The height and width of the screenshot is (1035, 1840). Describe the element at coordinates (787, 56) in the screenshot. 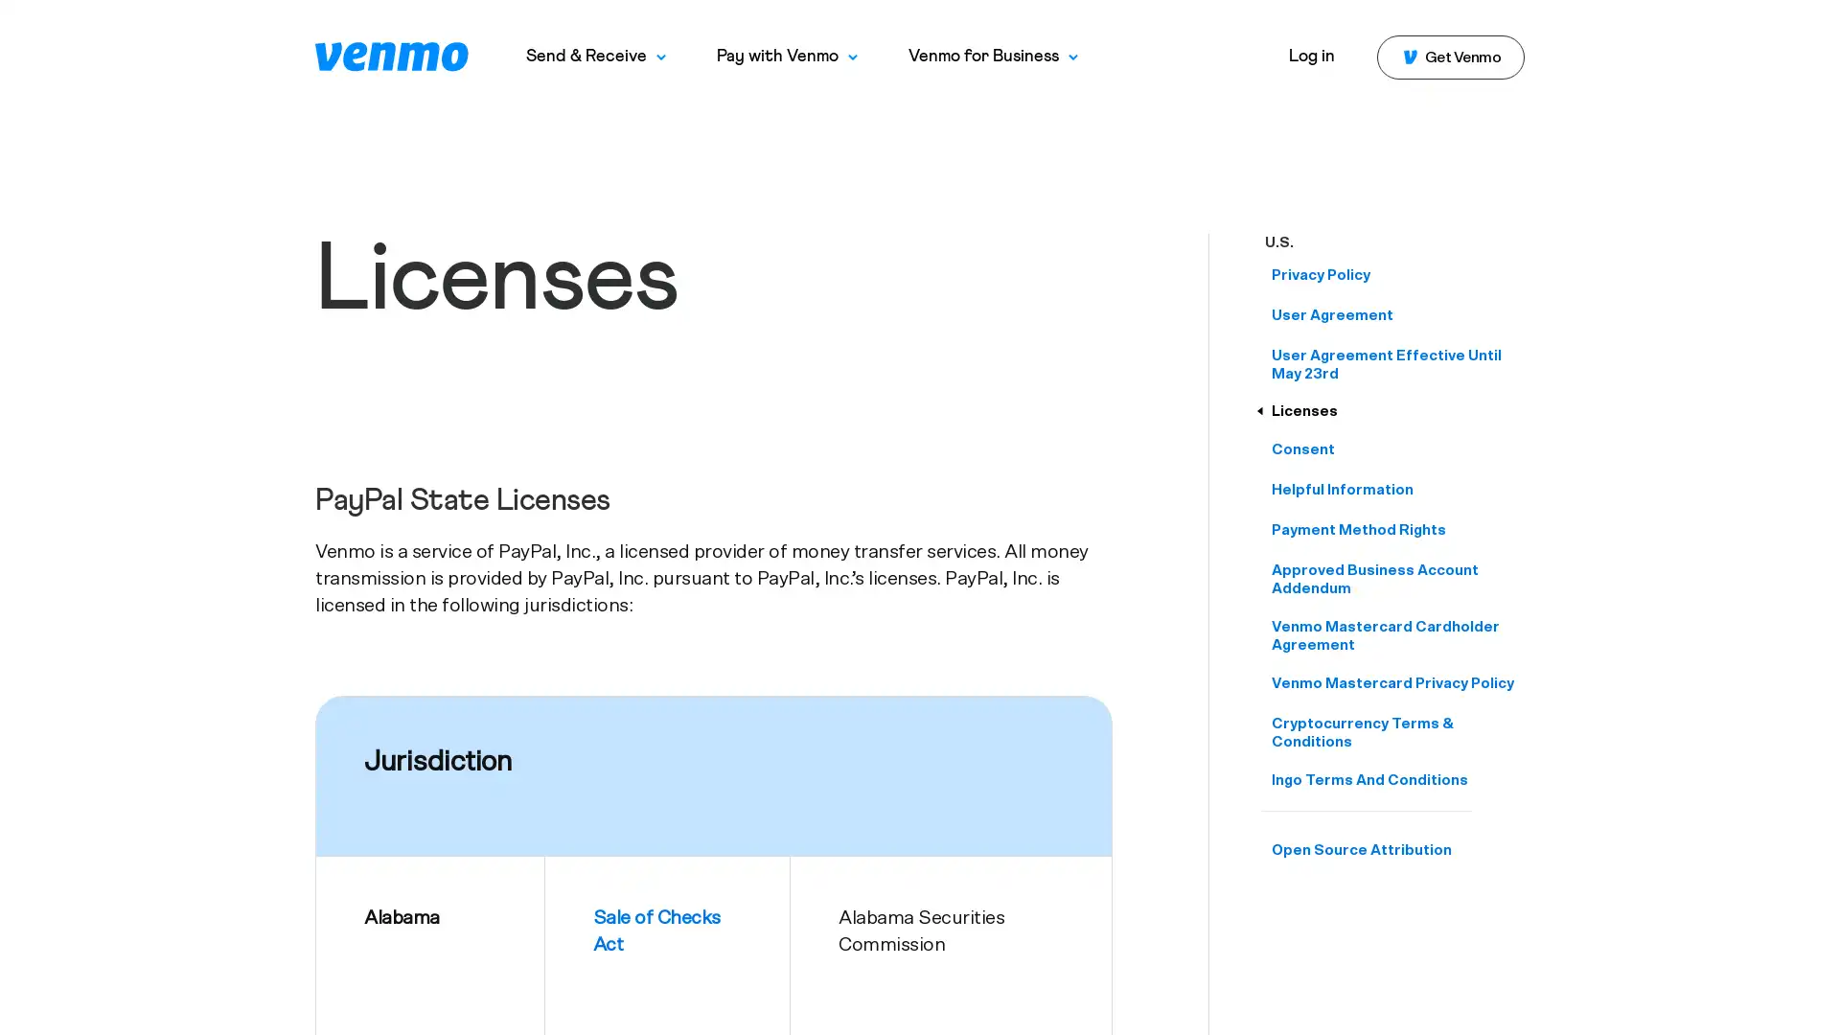

I see `Pay with Venmo` at that location.